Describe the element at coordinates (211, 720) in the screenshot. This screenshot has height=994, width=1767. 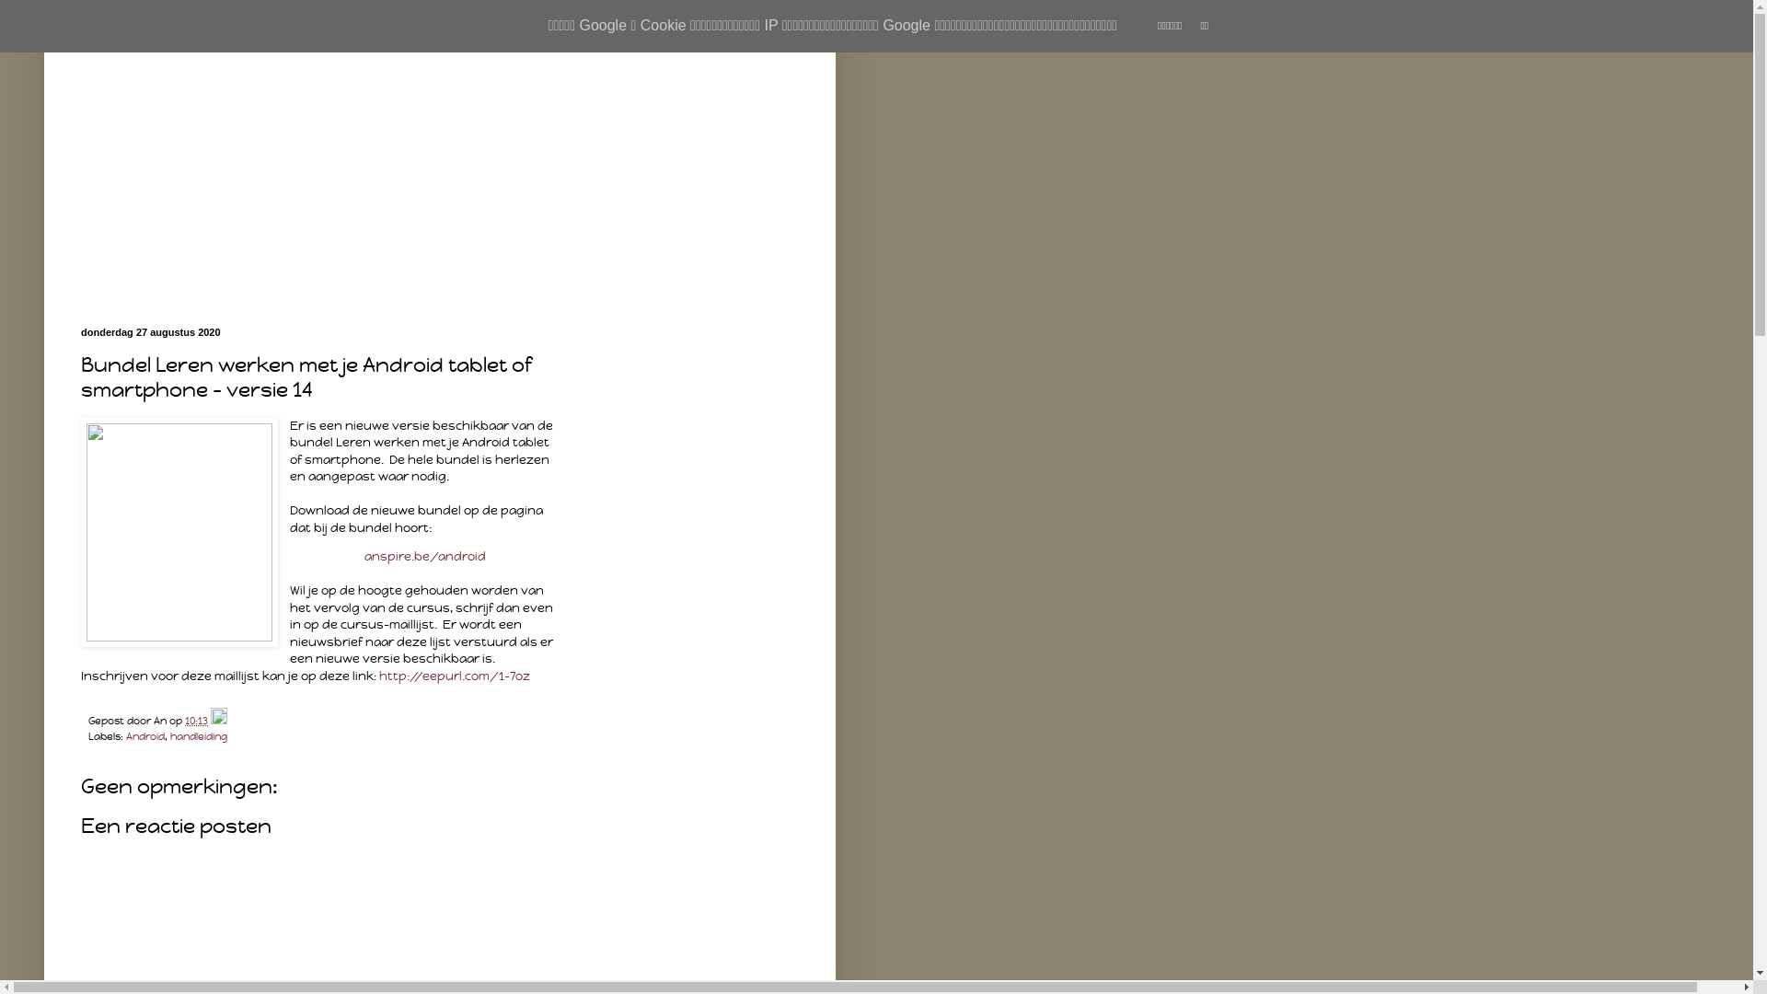
I see `'Post bewerken'` at that location.